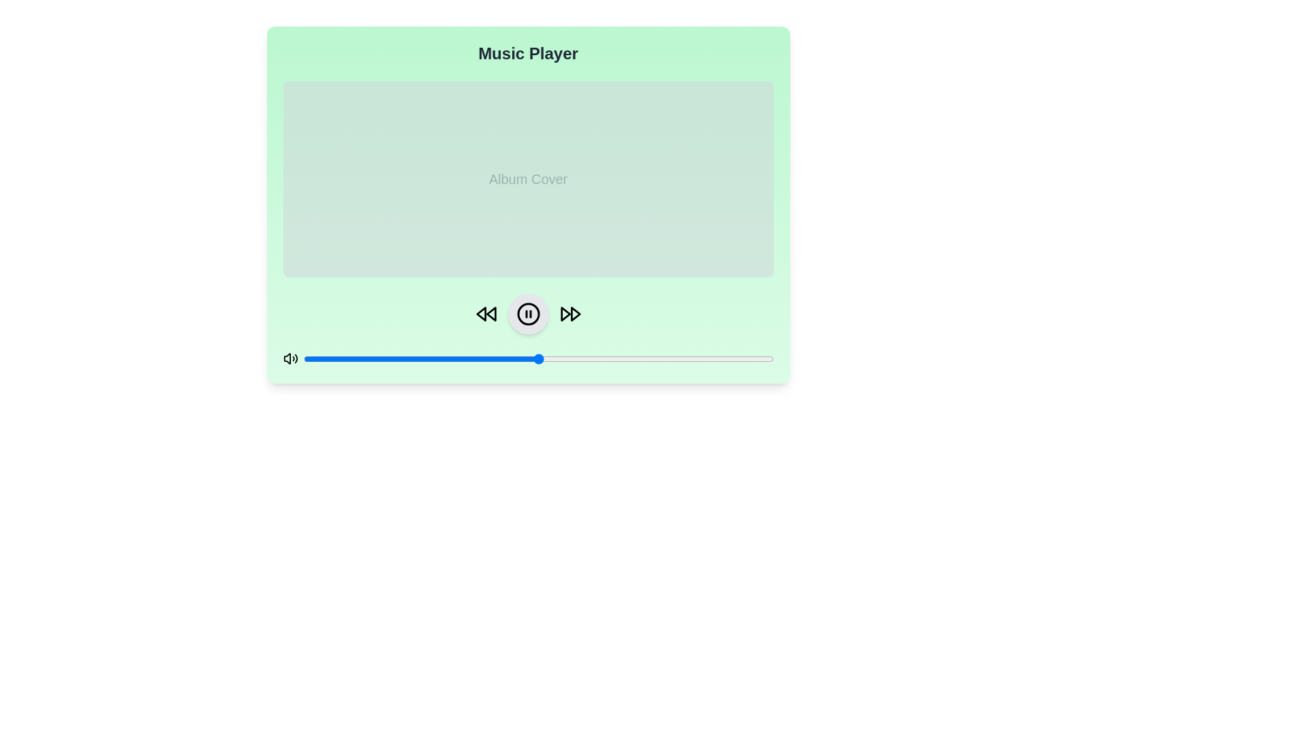 The height and width of the screenshot is (736, 1308). Describe the element at coordinates (575, 314) in the screenshot. I see `the shape of the fast-forward icon's right arrow, which is located at the far right of the control button cluster next to the pause button` at that location.